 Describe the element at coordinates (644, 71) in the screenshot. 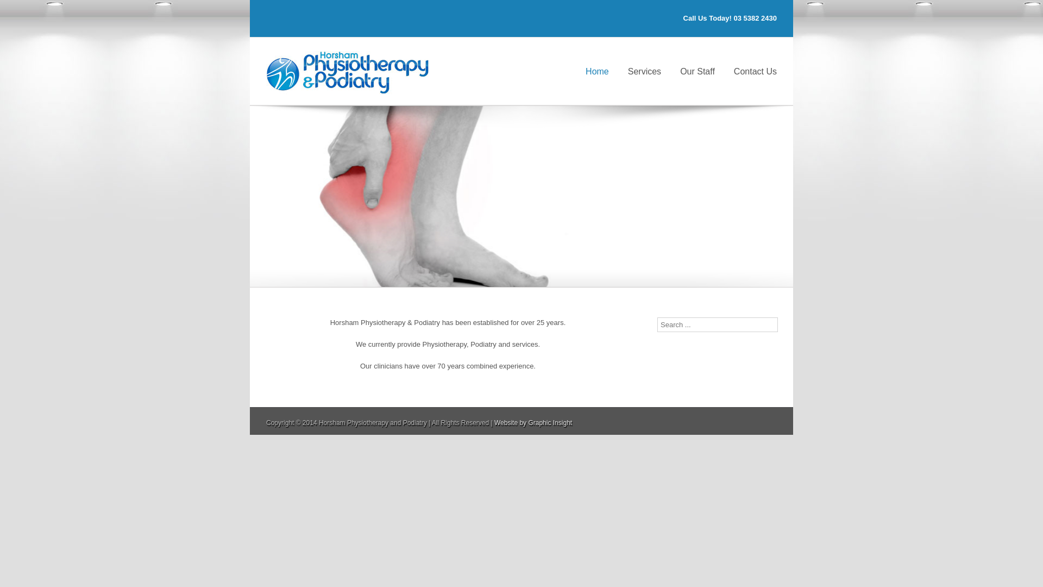

I see `'Services'` at that location.